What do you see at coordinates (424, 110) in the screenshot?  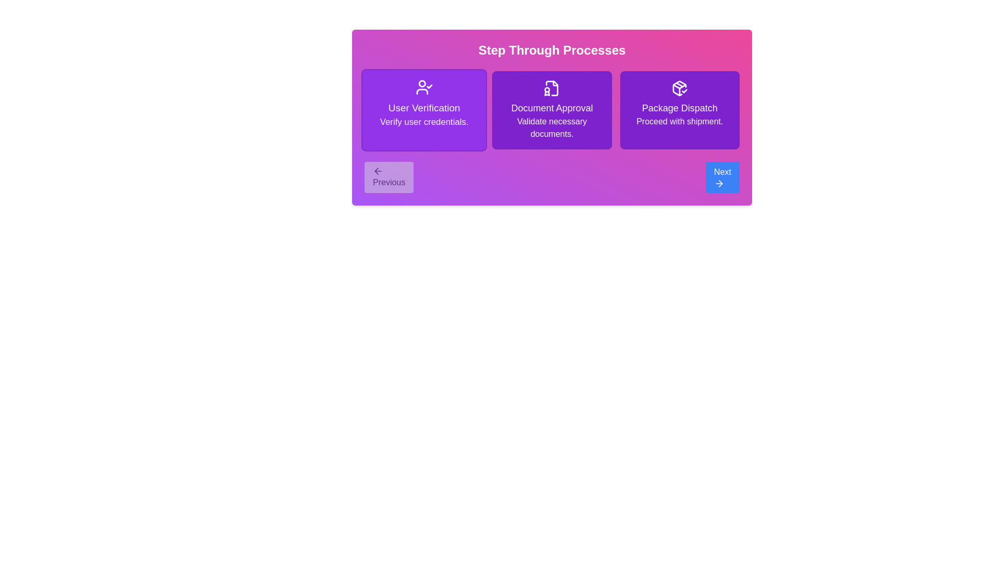 I see `the currently highlighted step to view its details` at bounding box center [424, 110].